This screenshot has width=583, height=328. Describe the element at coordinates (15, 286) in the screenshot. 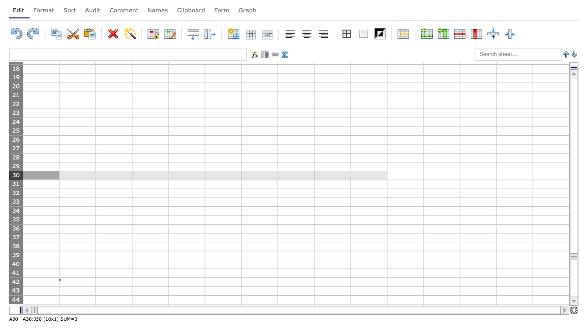

I see `Move cursor to the bottom border of row 42 header` at that location.